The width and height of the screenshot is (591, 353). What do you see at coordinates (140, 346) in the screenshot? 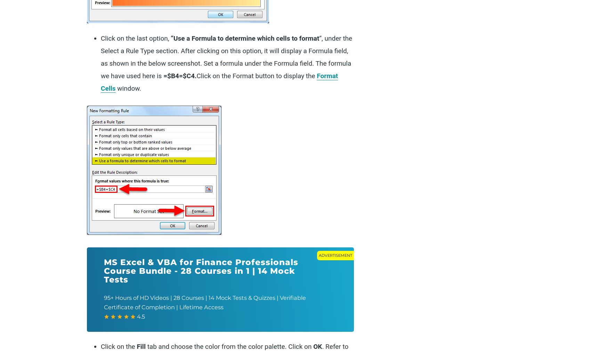
I see `'Fill'` at bounding box center [140, 346].